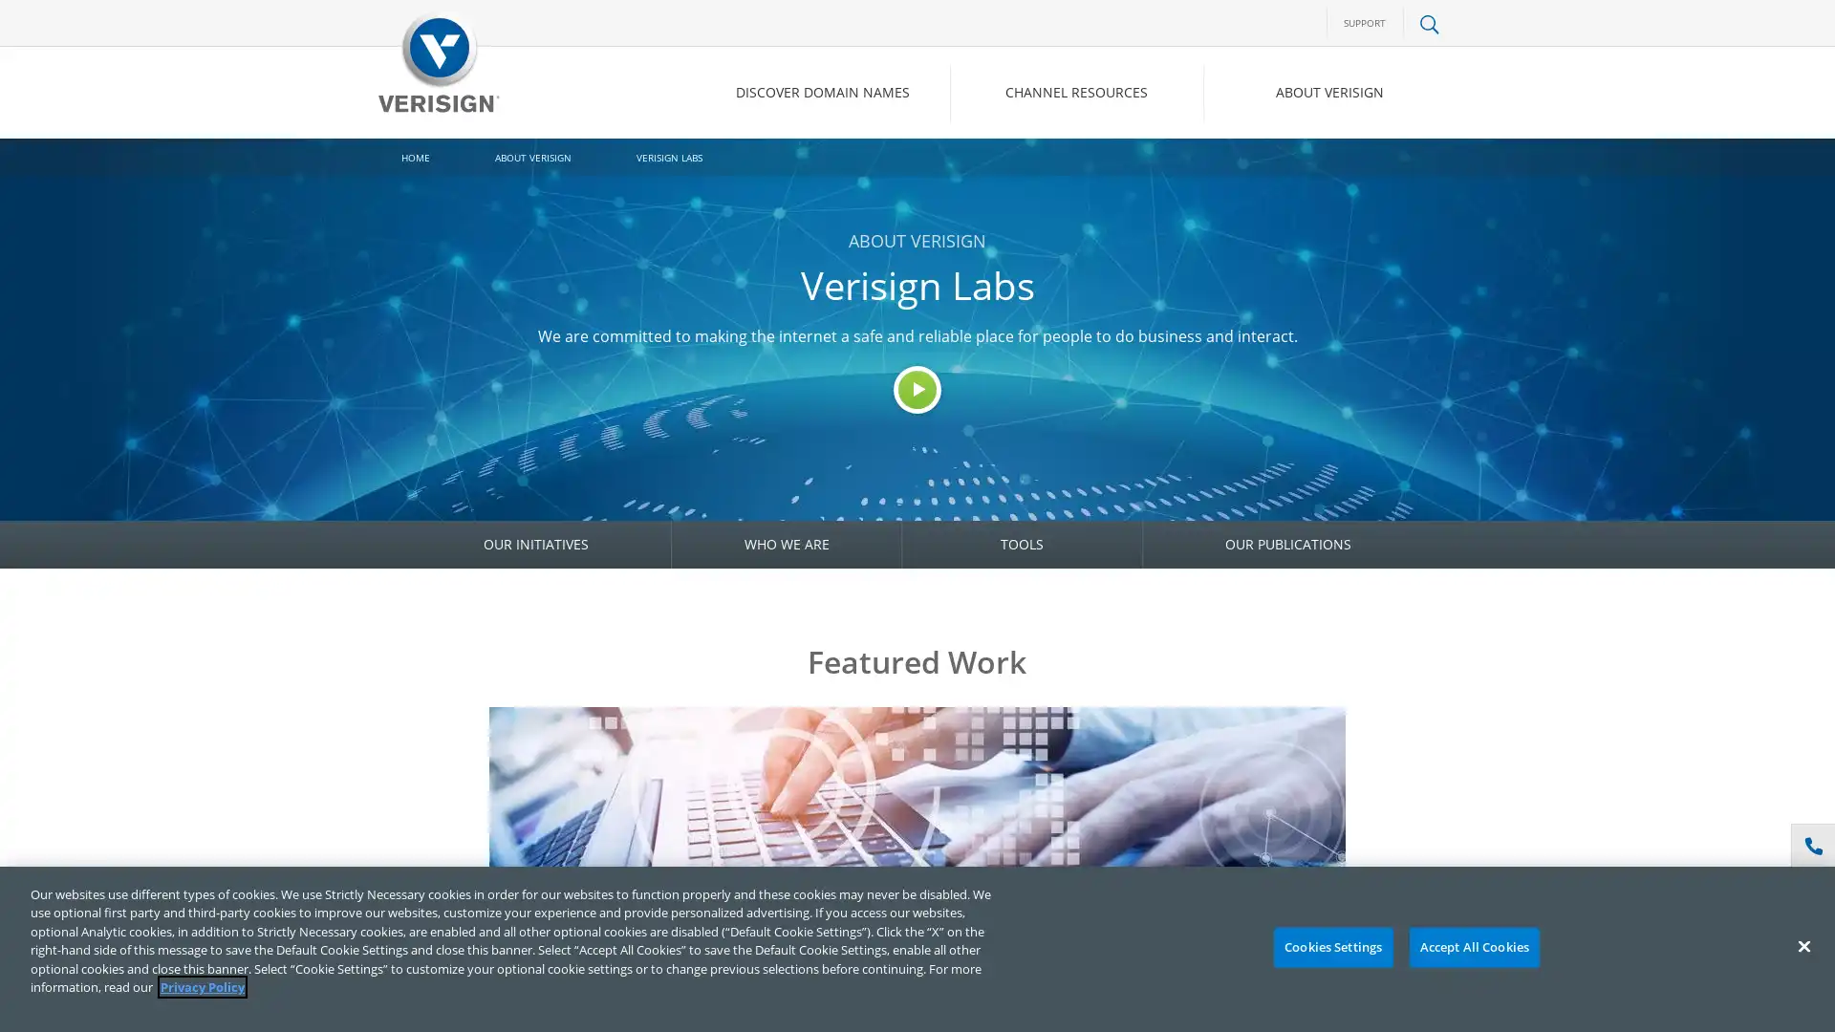 The width and height of the screenshot is (1835, 1032). Describe the element at coordinates (1331, 947) in the screenshot. I see `Cookies Settings` at that location.